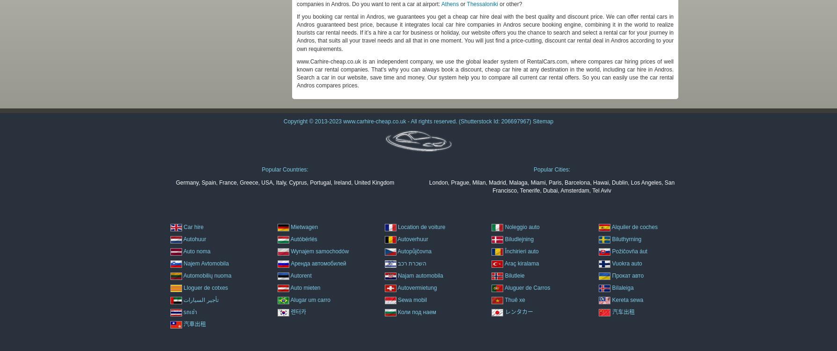 This screenshot has height=351, width=837. Describe the element at coordinates (485, 73) in the screenshot. I see `'www.Carhire-cheap.co.uk is an independent company, we use the global leader system of RentalCars.com, where compares car hiring prices of well known car rental companies. That's why you can always book a discount, cheap car hire at any destination in the world, including car hire in Andros. Search a car in our website, save time and money. Our system help you to compare all current car rental offers. So you can easily use the car rental Andros compares prices.'` at that location.